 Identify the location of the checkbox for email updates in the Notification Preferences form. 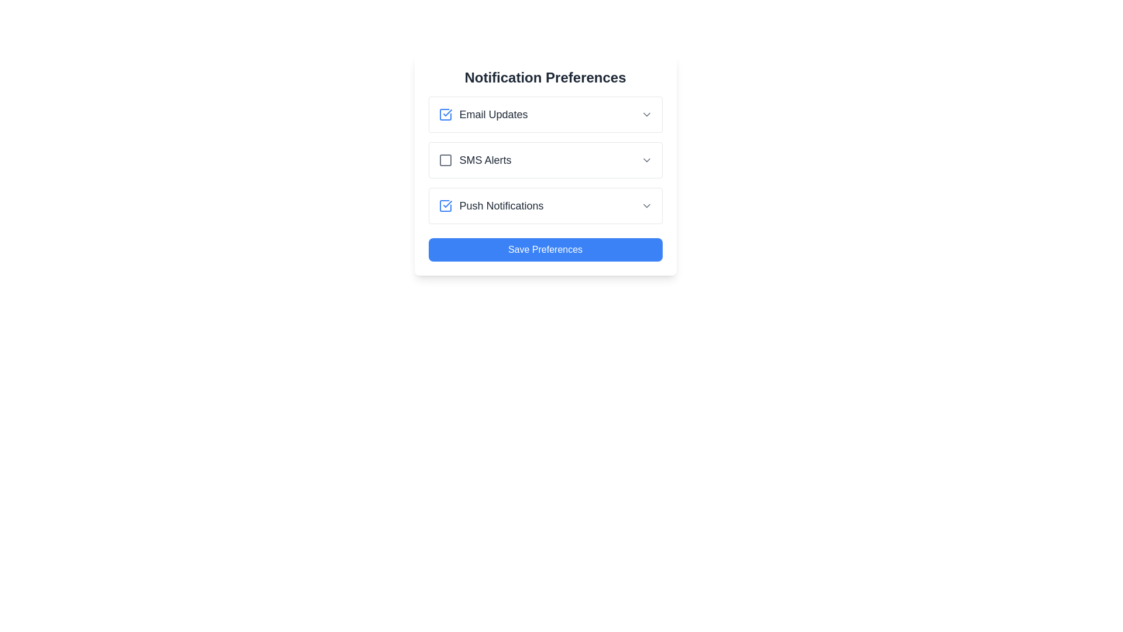
(483, 115).